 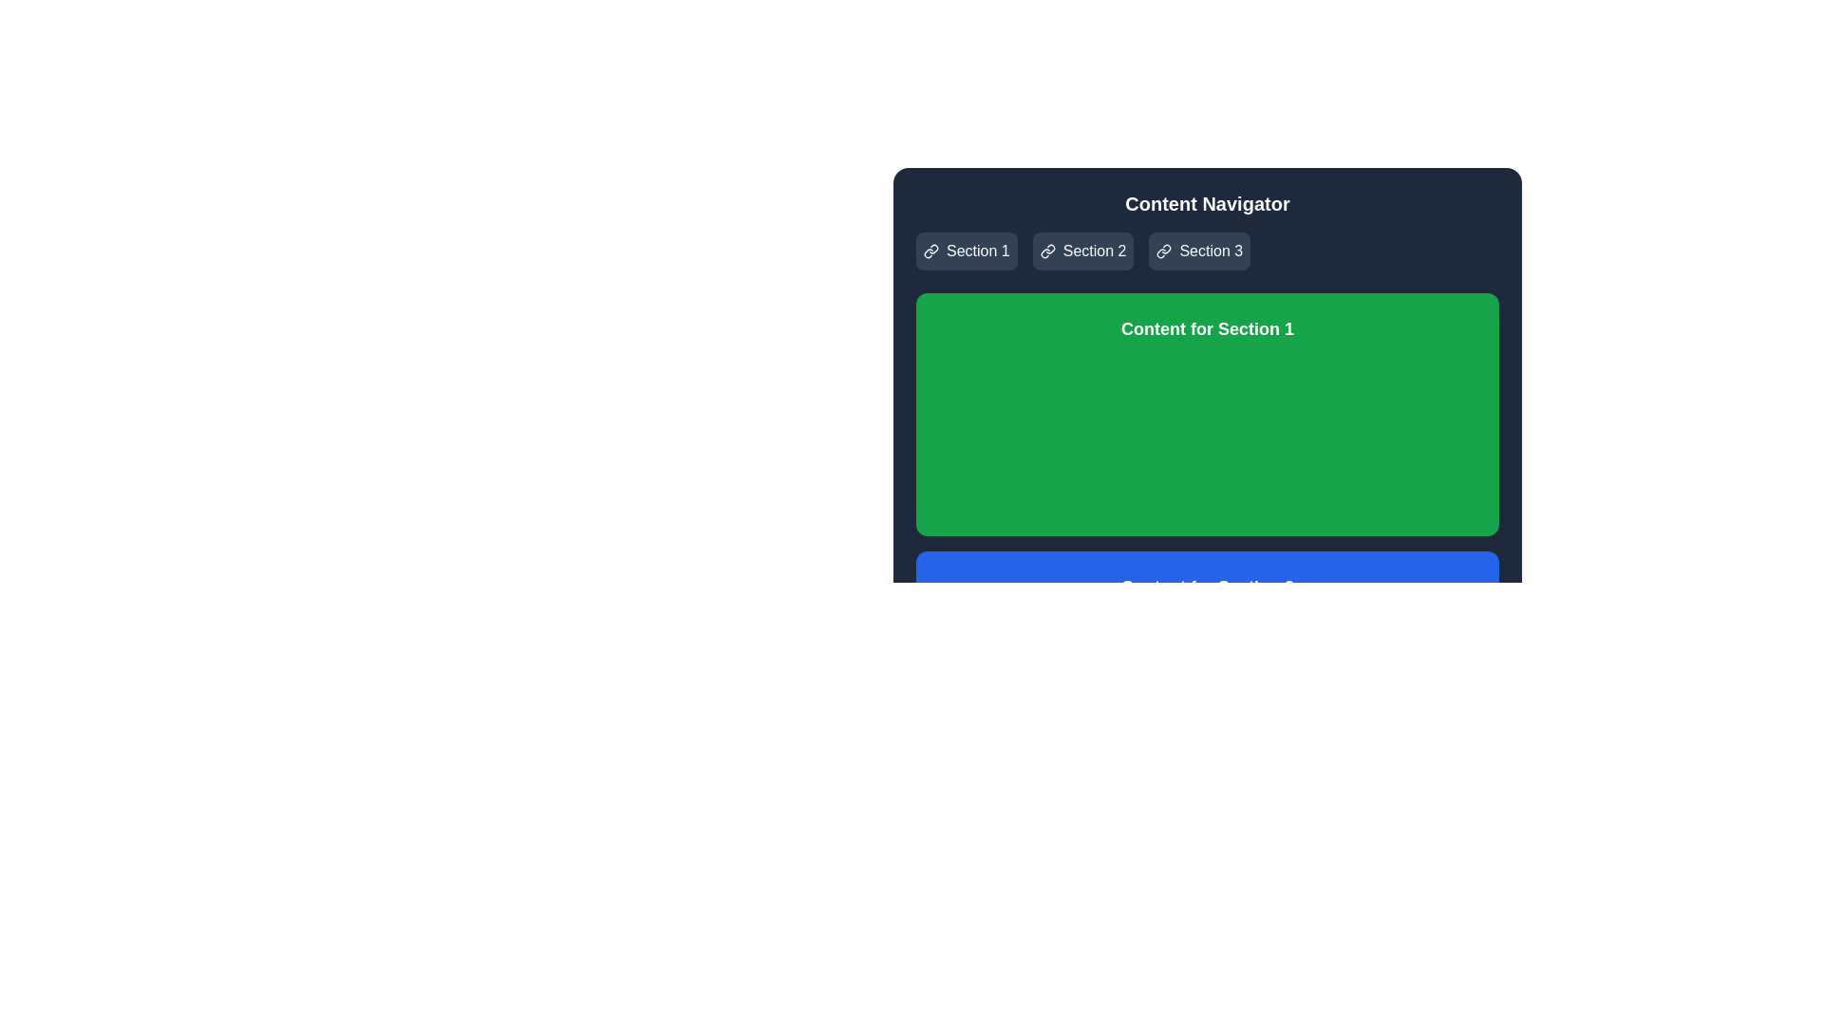 What do you see at coordinates (1207, 586) in the screenshot?
I see `text label displaying 'Content for Section 2', which is centrally positioned within the blue section element ('section-2')` at bounding box center [1207, 586].